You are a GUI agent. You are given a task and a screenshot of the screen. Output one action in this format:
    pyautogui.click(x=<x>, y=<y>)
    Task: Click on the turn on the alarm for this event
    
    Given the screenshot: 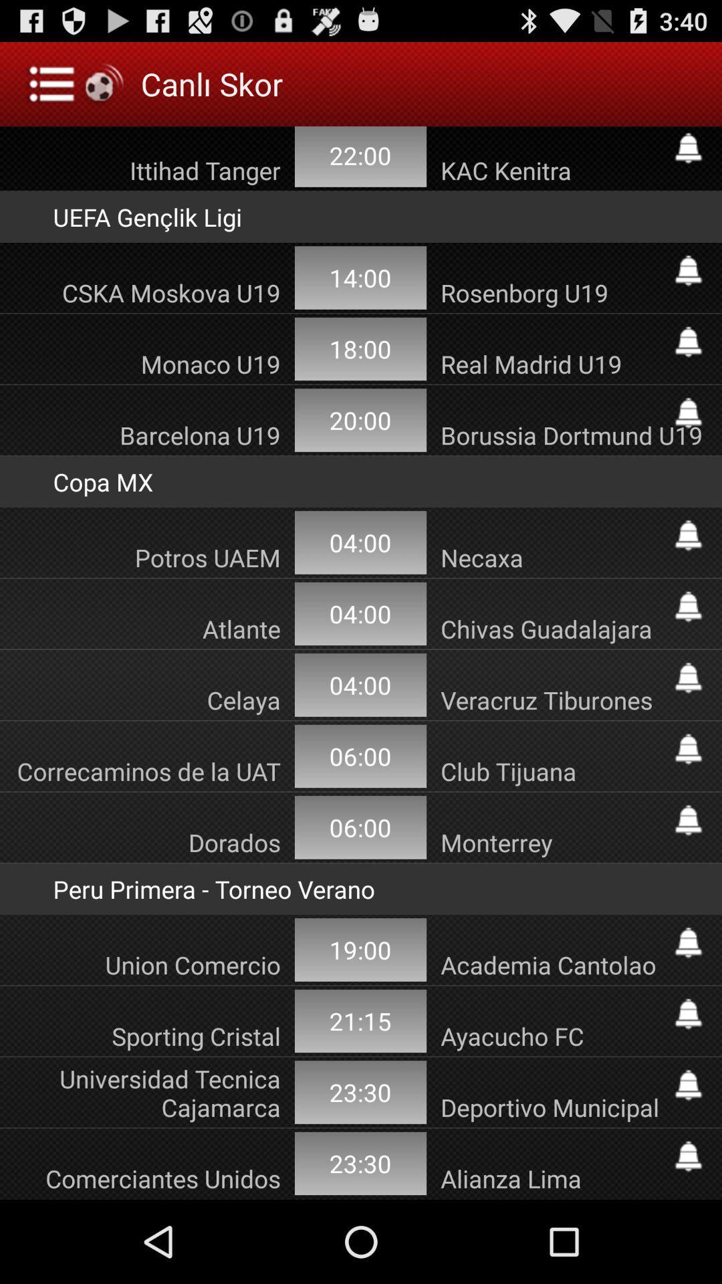 What is the action you would take?
    pyautogui.click(x=688, y=606)
    